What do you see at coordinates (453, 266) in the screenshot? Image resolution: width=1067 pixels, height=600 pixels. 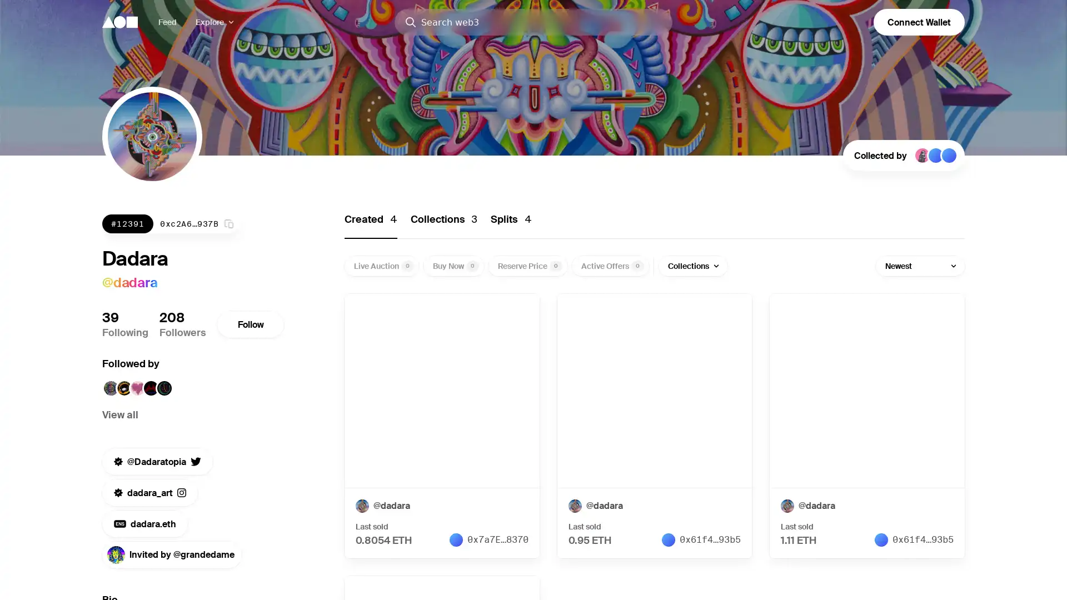 I see `Buy Now 0` at bounding box center [453, 266].